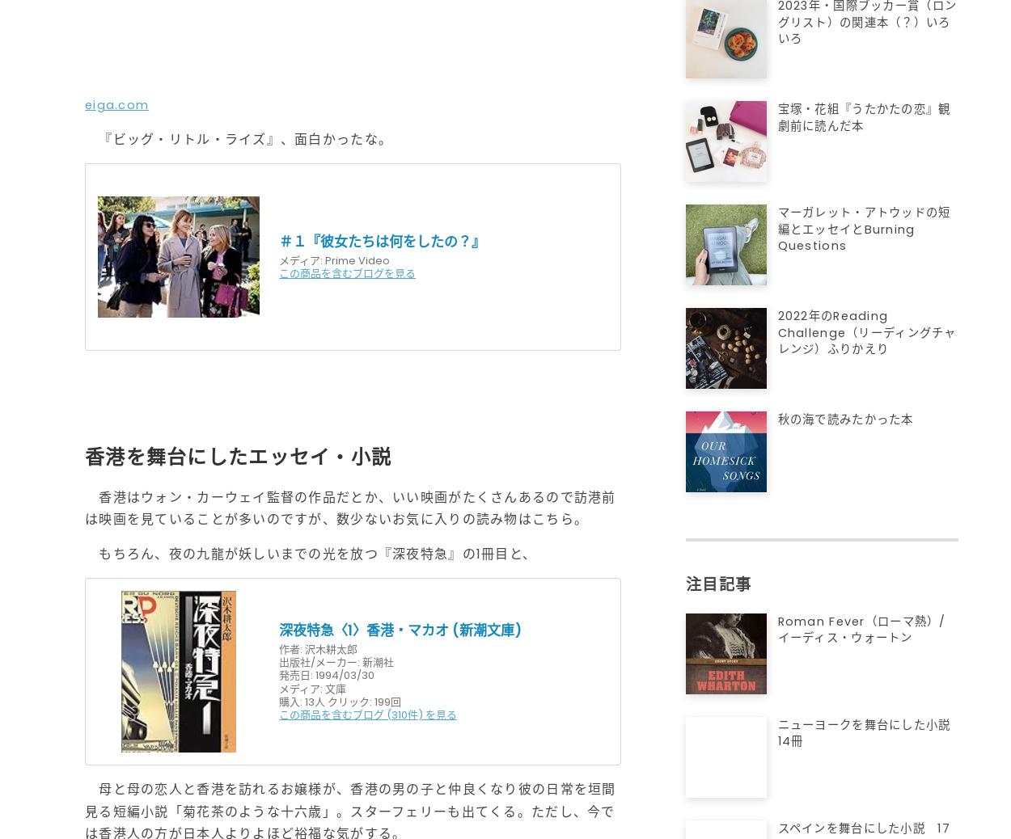 The image size is (1011, 839). I want to click on 'この商品を含むブログ (310件) を見る', so click(367, 715).